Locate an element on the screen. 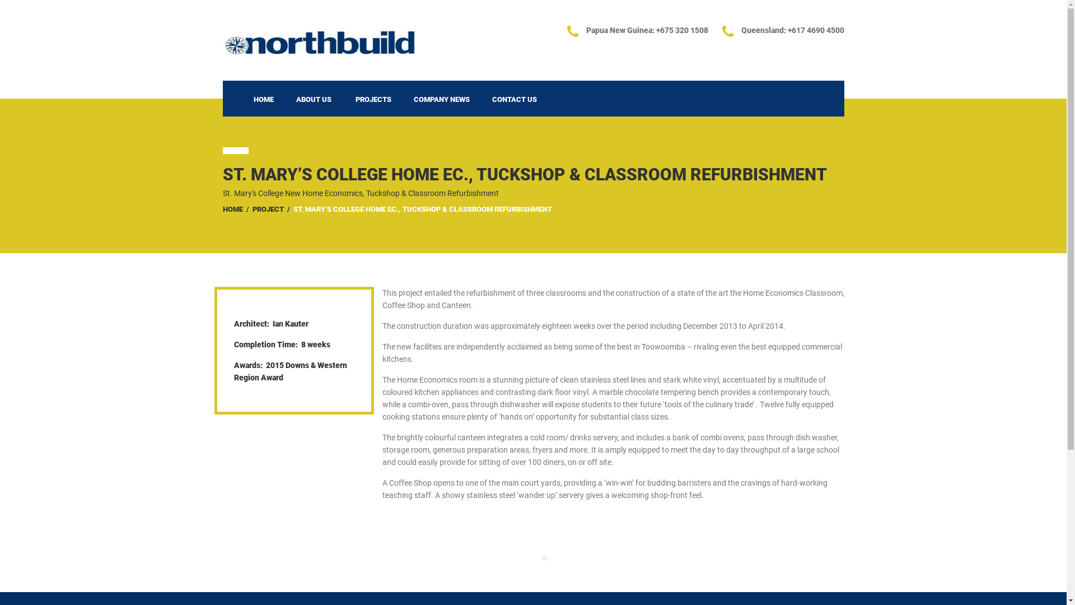  'ABOUT US' is located at coordinates (314, 98).